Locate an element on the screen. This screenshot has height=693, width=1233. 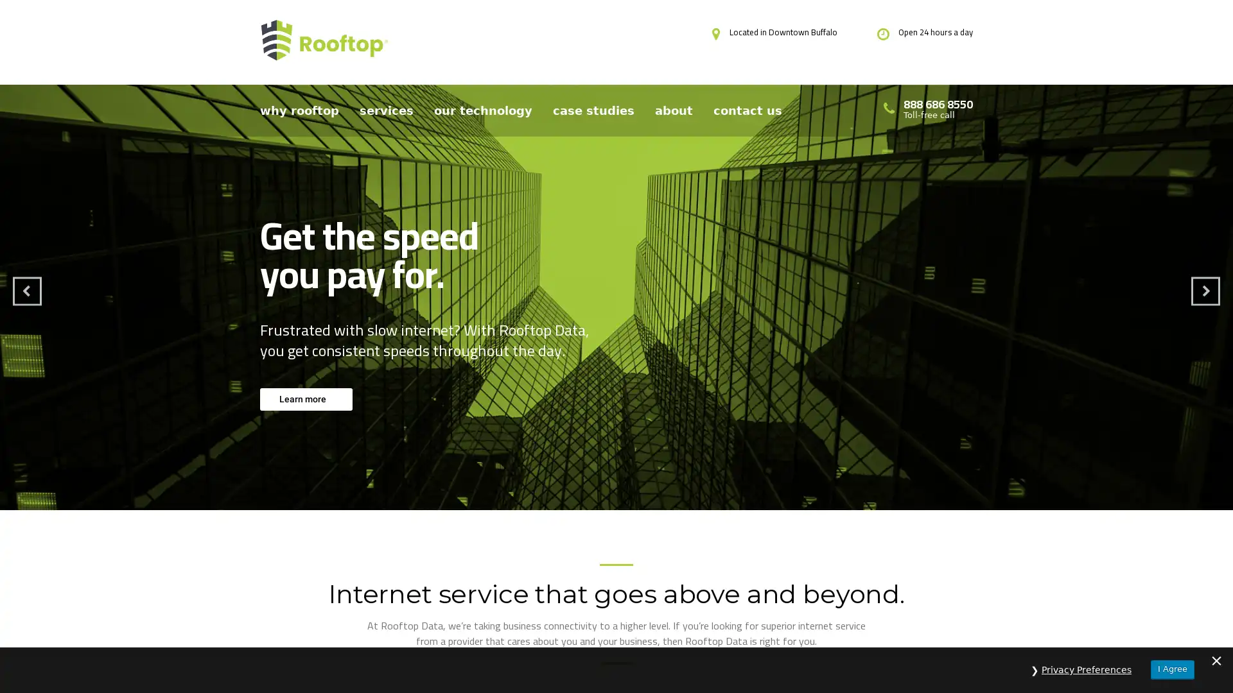
Privacy Preferences is located at coordinates (1086, 669).